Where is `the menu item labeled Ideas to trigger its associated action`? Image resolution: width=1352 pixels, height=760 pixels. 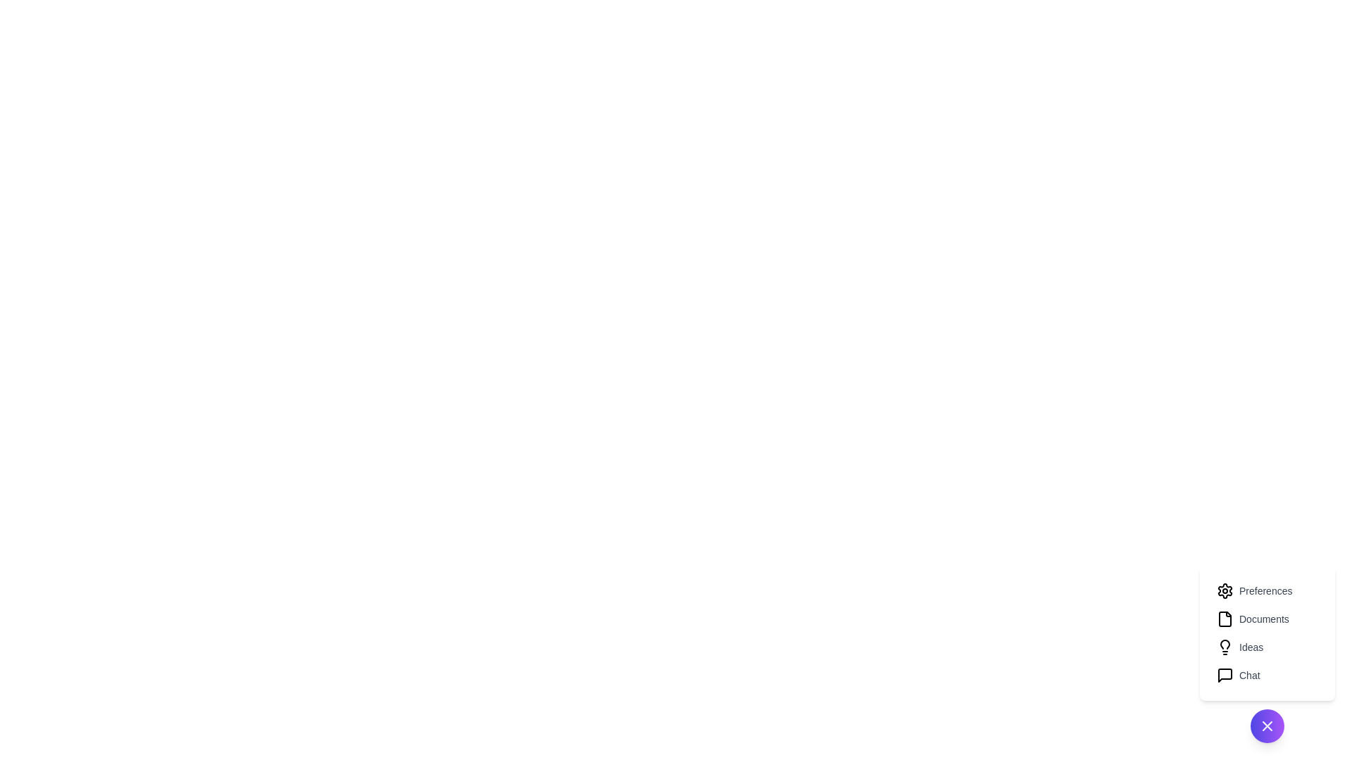 the menu item labeled Ideas to trigger its associated action is located at coordinates (1267, 647).